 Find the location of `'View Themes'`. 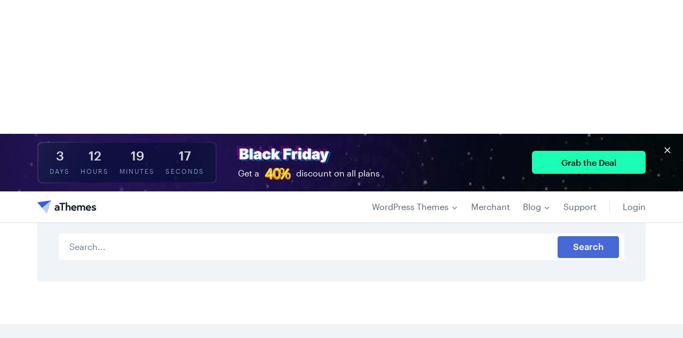

'View Themes' is located at coordinates (83, 214).